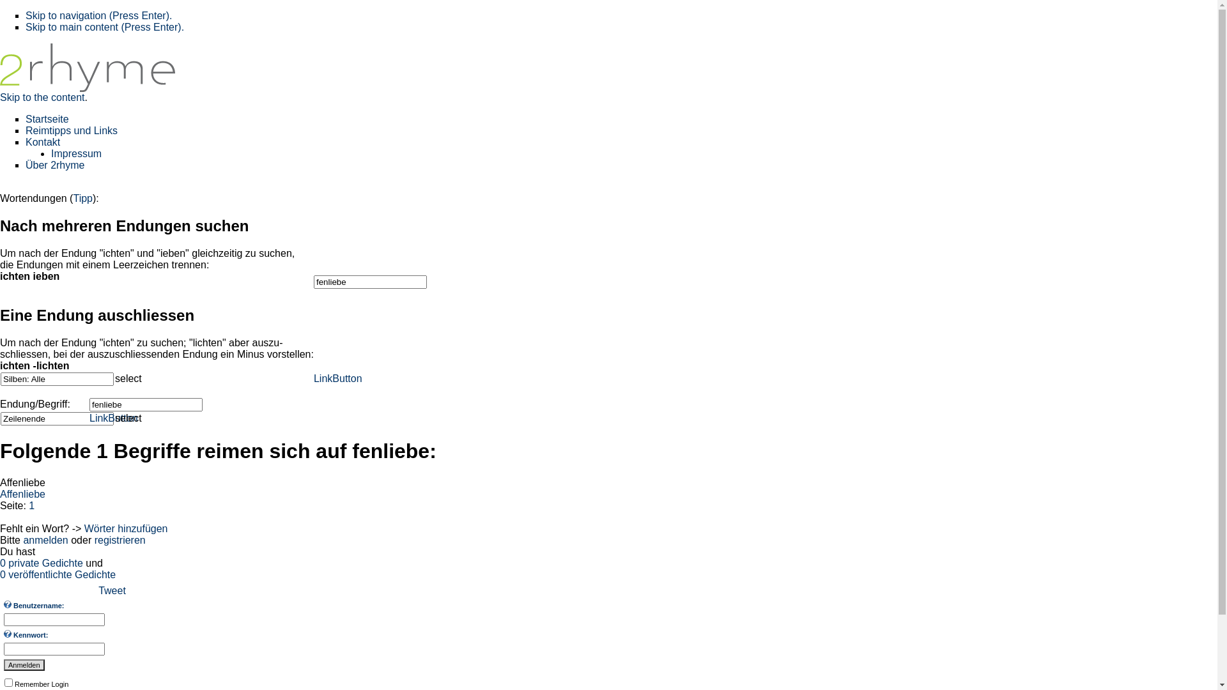 The width and height of the screenshot is (1227, 690). What do you see at coordinates (20, 493) in the screenshot?
I see `'n'` at bounding box center [20, 493].